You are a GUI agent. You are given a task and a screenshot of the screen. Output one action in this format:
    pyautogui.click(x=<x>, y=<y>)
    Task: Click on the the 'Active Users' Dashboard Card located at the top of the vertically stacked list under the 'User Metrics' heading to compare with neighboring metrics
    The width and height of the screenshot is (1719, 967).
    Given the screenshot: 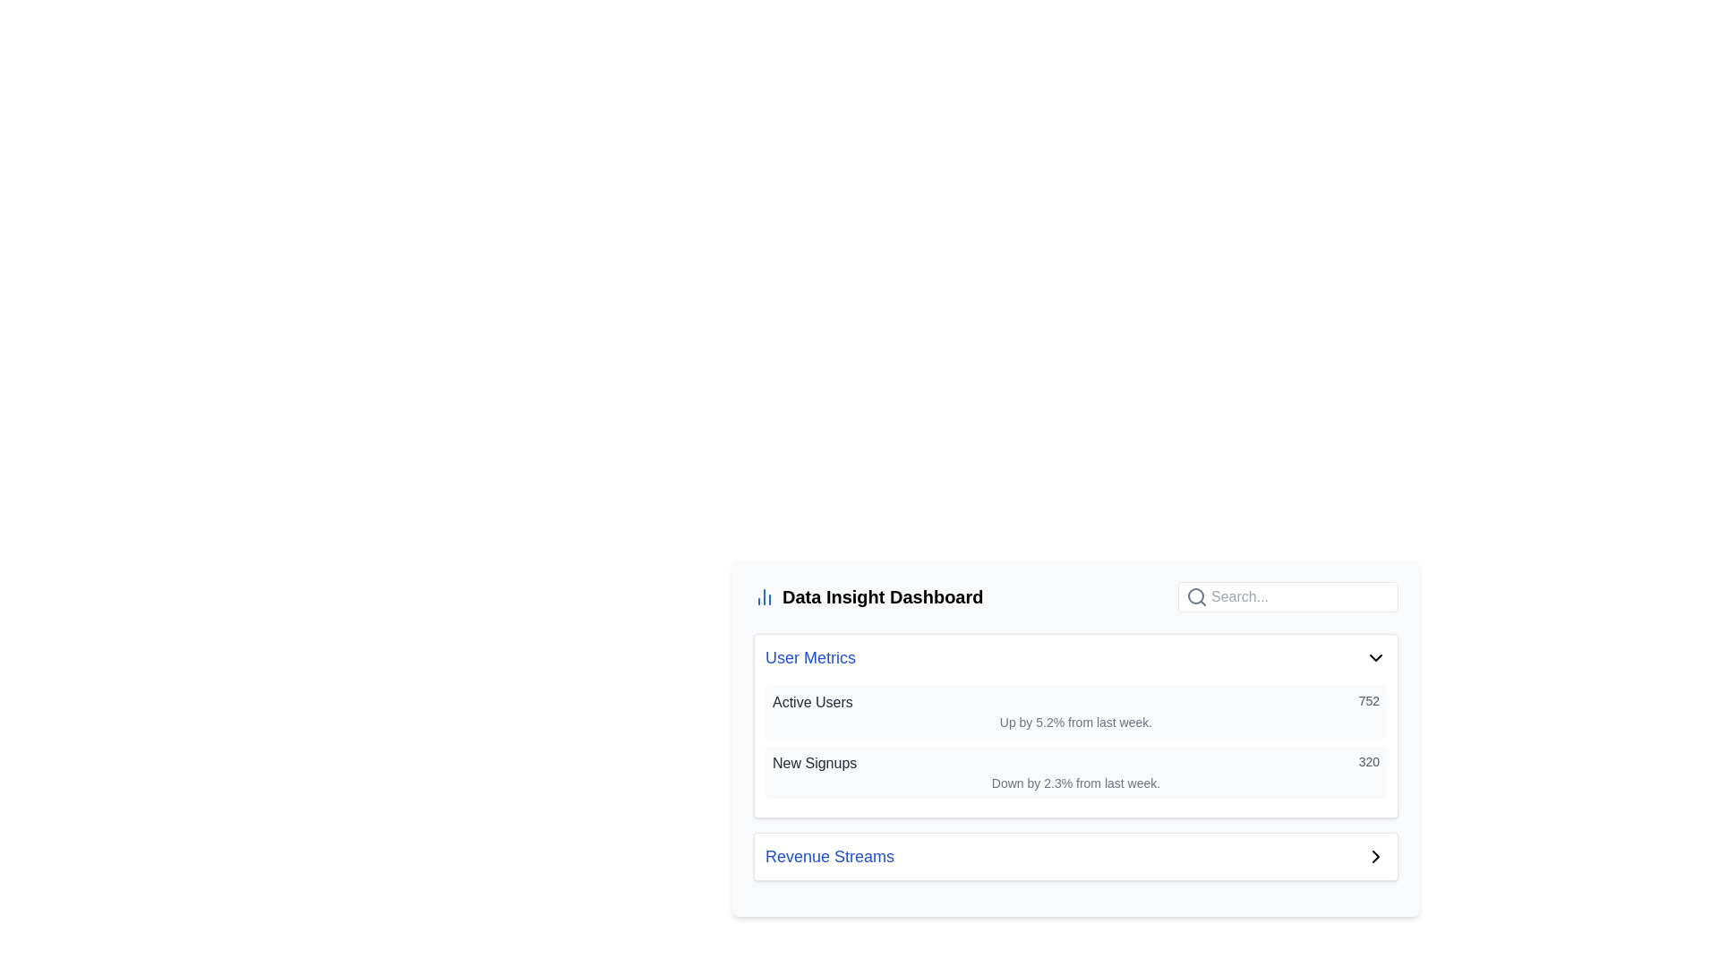 What is the action you would take?
    pyautogui.click(x=1074, y=710)
    